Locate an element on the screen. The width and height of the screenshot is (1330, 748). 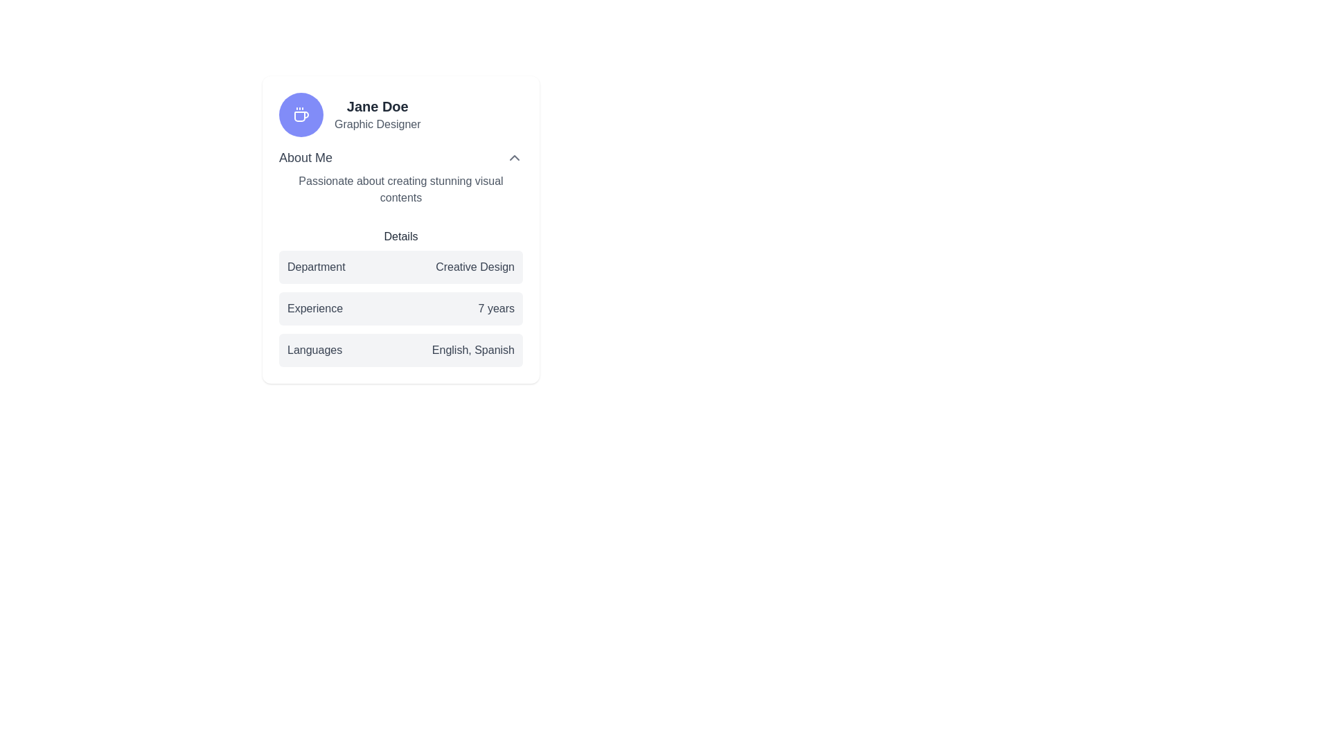
the circular graphic avatar featuring a blue background and a white coffee cup icon, located at the top left of the card layout is located at coordinates (301, 114).